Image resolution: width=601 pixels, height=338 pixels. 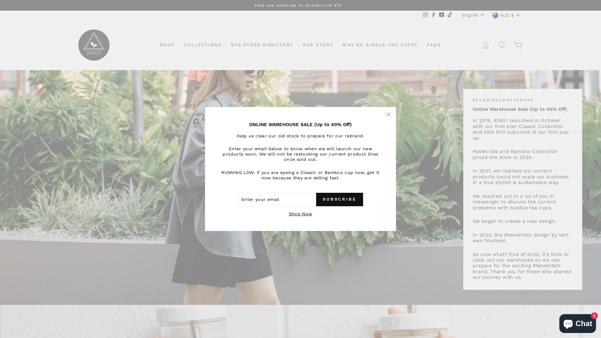 I want to click on 'SHOP', so click(x=167, y=45).